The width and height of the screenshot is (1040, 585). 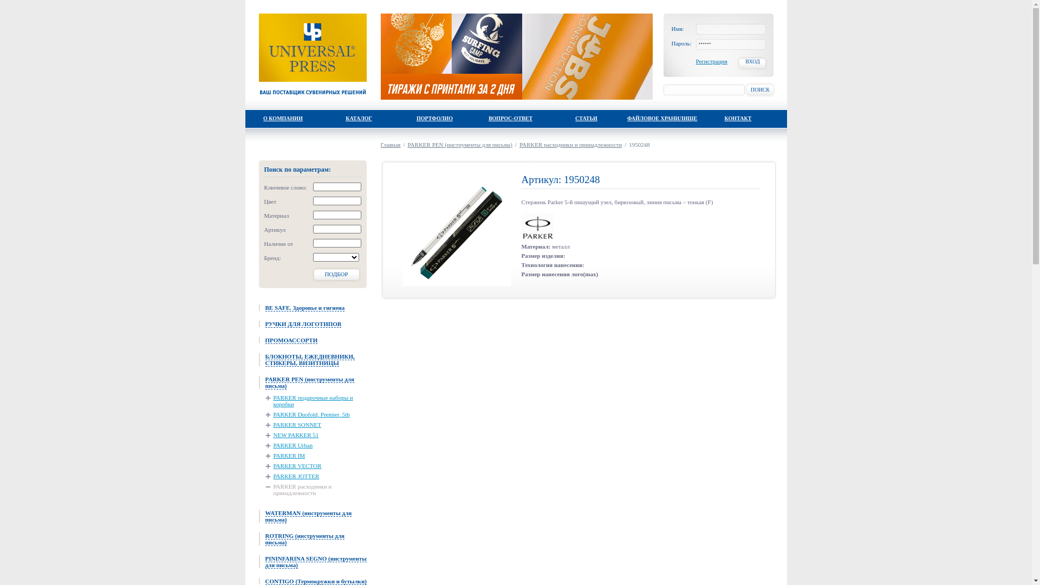 What do you see at coordinates (285, 455) in the screenshot?
I see `'PARKER IM'` at bounding box center [285, 455].